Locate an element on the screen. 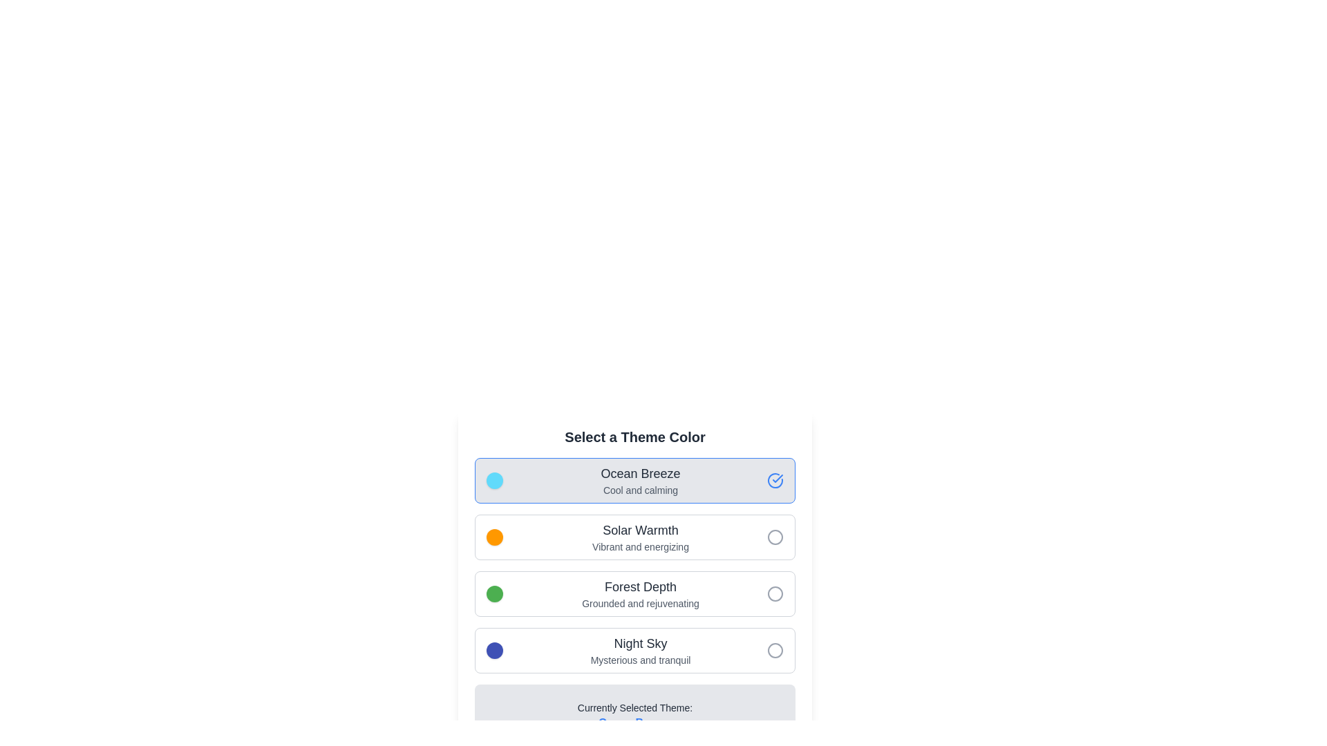  the 'Night Sky' theme selection button is located at coordinates (634, 650).